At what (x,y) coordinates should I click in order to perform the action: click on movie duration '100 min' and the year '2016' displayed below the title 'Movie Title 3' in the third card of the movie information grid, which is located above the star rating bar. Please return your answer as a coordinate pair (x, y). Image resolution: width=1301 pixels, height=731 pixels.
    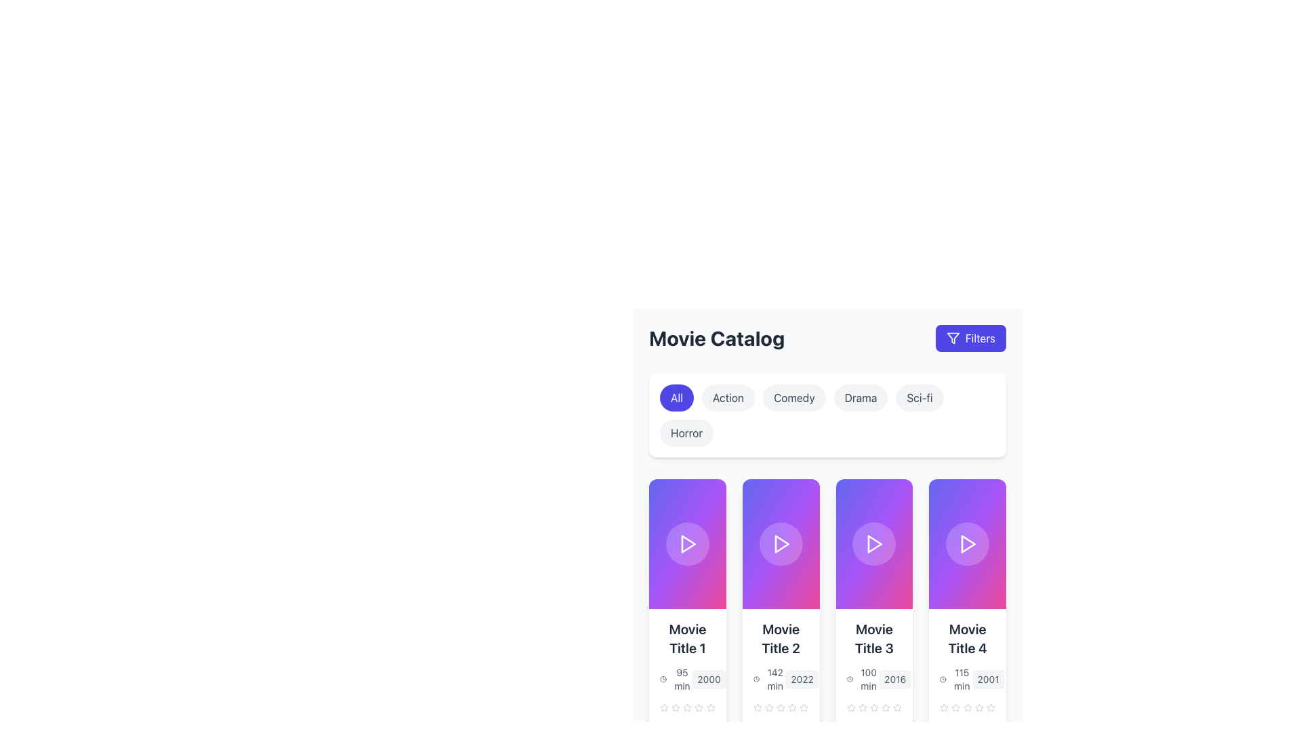
    Looking at the image, I should click on (874, 679).